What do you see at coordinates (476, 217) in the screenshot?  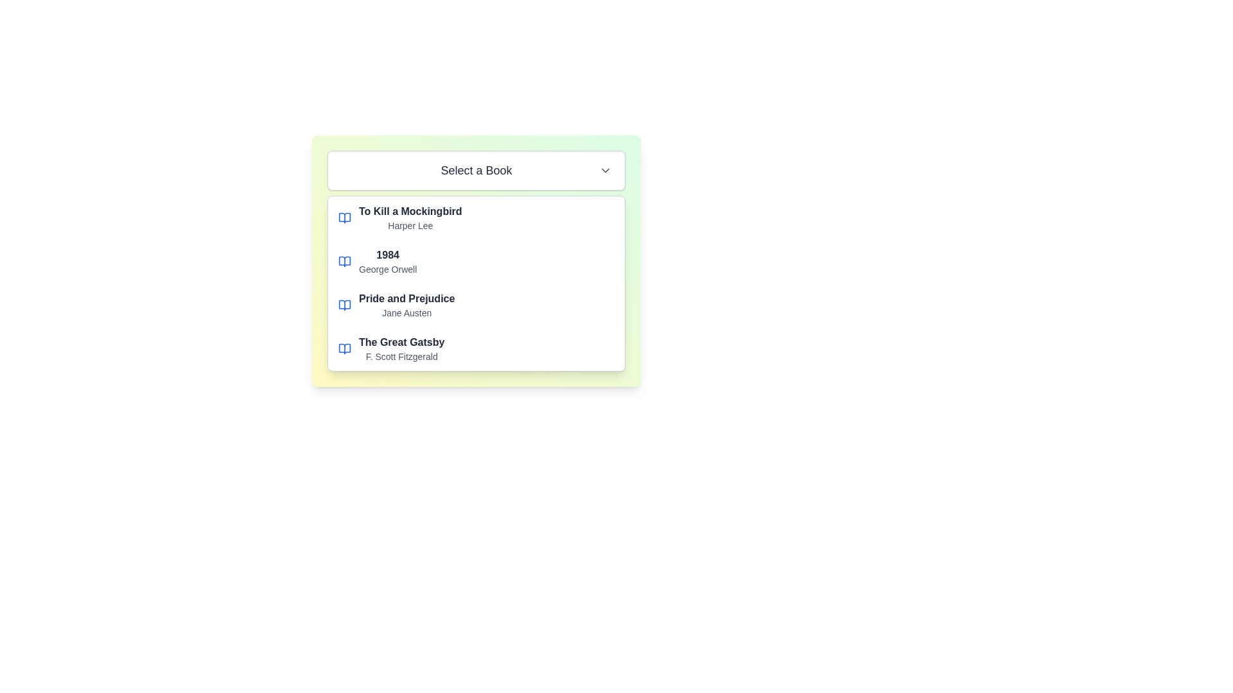 I see `the first list item displaying the book title 'To Kill a Mockingbird' and author 'Harper Lee'` at bounding box center [476, 217].